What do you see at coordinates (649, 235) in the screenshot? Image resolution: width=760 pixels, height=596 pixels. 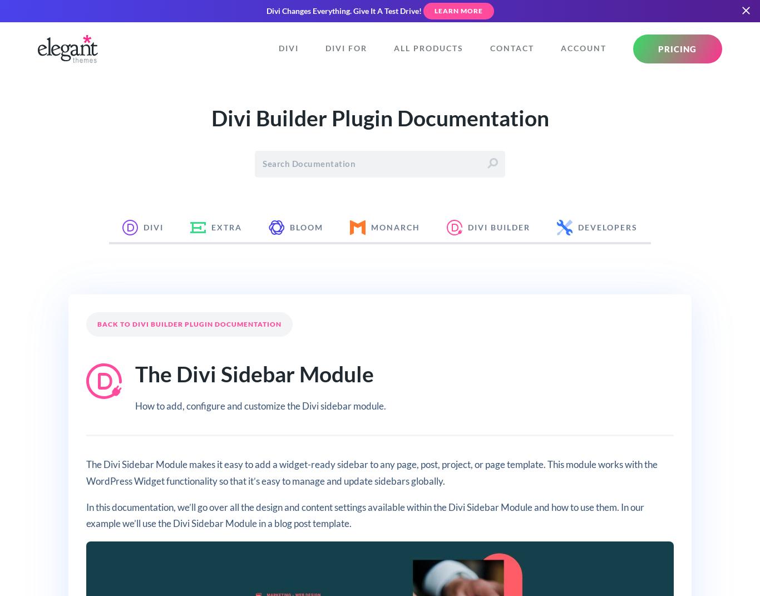 I see `'?'` at bounding box center [649, 235].